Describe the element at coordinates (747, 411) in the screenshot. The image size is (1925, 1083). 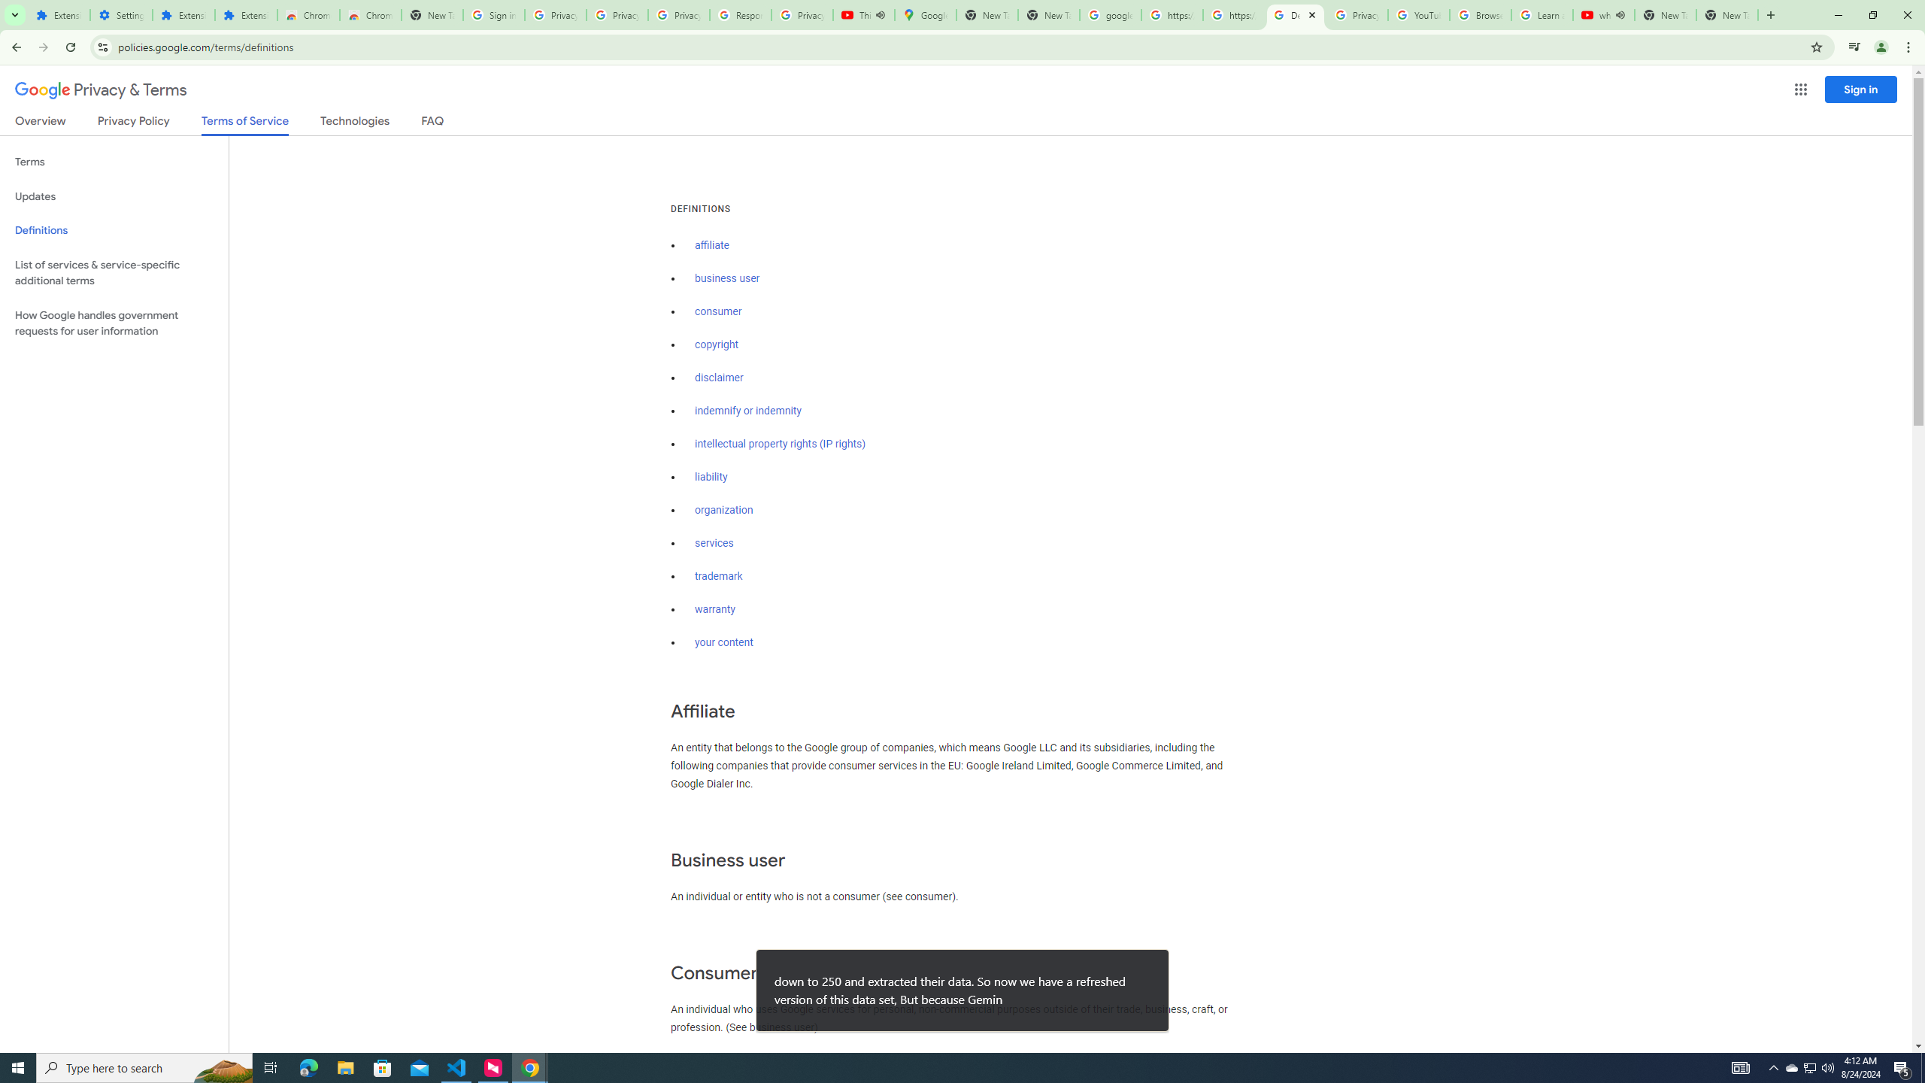
I see `'indemnify or indemnity'` at that location.